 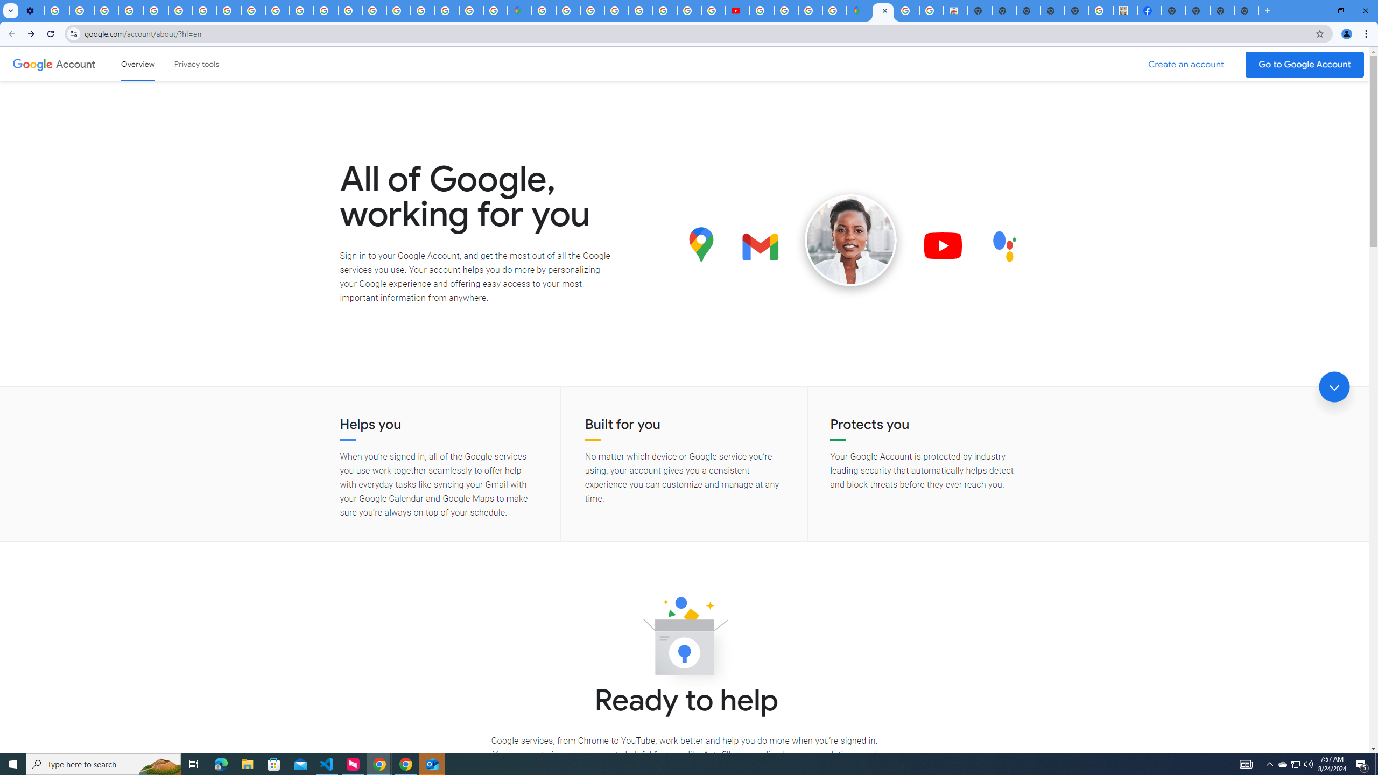 I want to click on 'How Chrome protects your passwords - Google Chrome Help', so click(x=761, y=10).